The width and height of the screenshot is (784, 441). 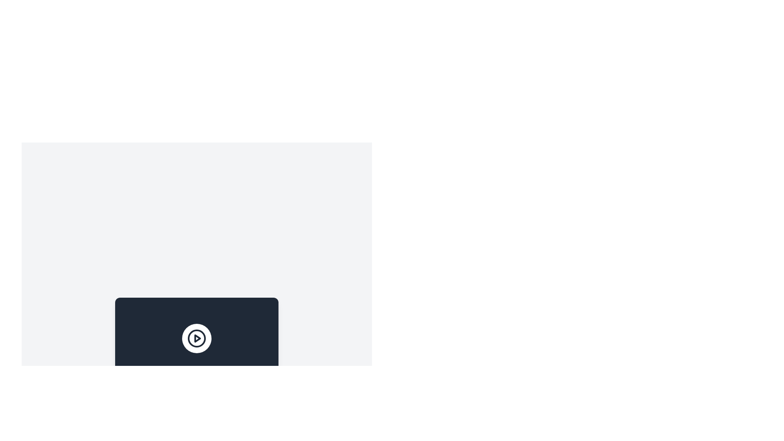 I want to click on the circular outline surrounding the triangular play icon in the interactive play button design, so click(x=196, y=339).